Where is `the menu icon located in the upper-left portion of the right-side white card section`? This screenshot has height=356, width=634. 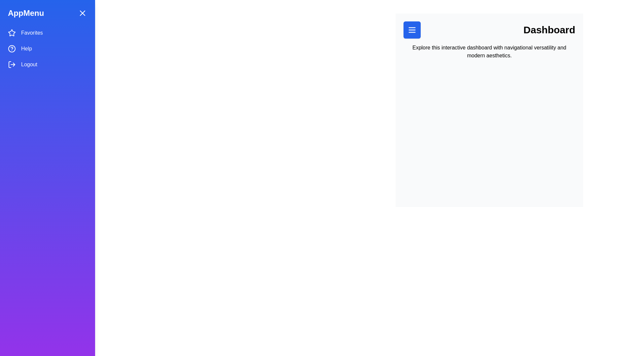 the menu icon located in the upper-left portion of the right-side white card section is located at coordinates (412, 30).